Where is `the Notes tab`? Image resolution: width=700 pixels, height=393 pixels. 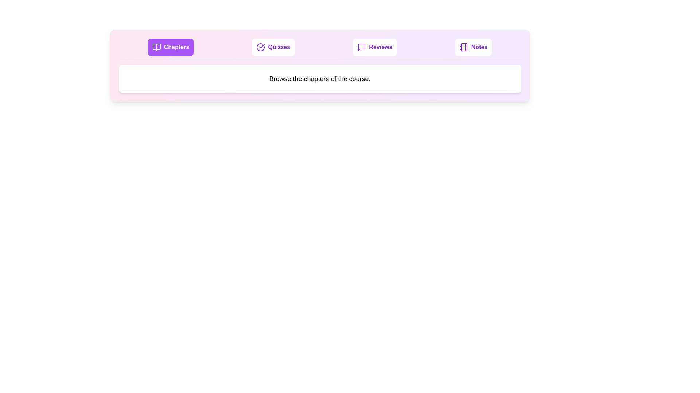
the Notes tab is located at coordinates (474, 47).